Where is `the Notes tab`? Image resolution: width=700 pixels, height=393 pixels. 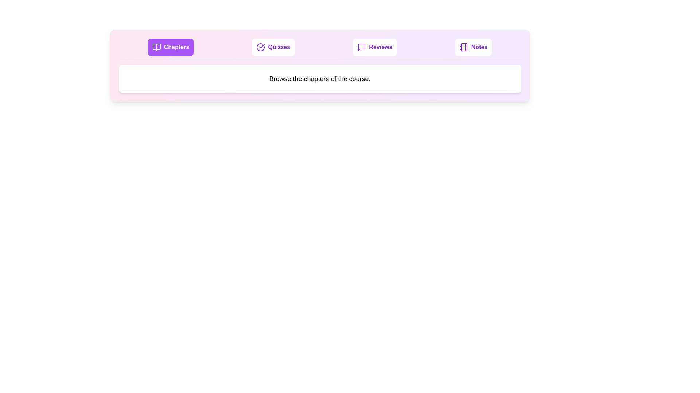
the Notes tab is located at coordinates (474, 47).